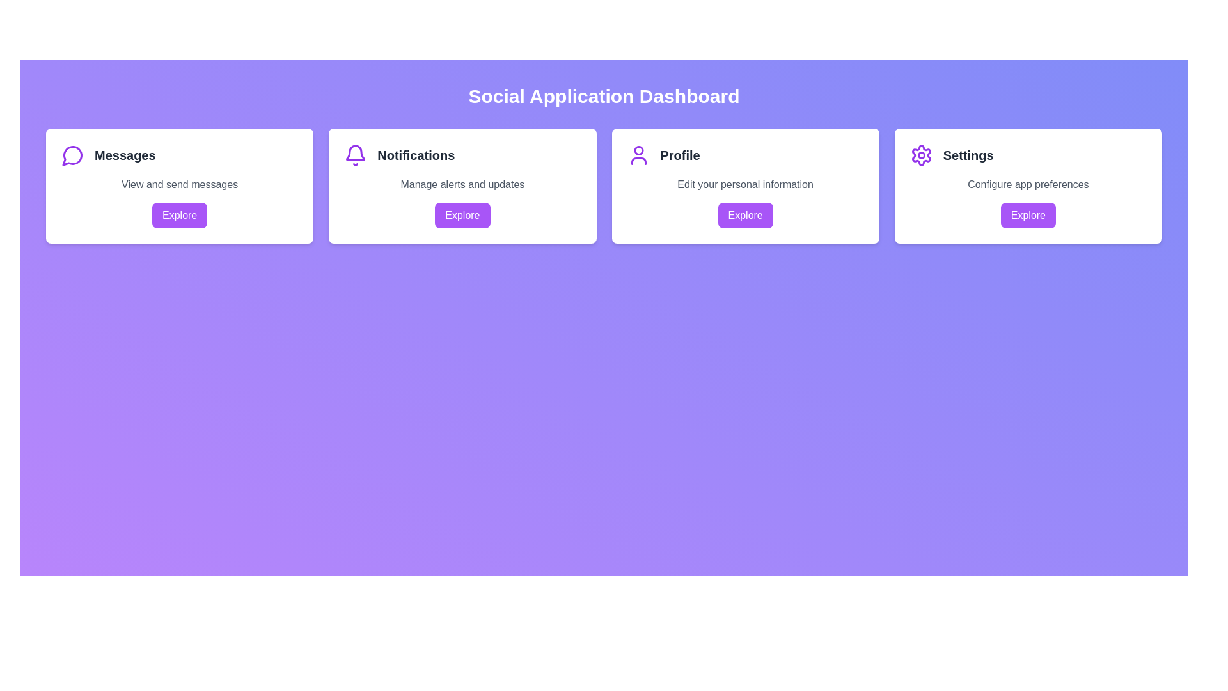 The image size is (1228, 691). Describe the element at coordinates (921, 155) in the screenshot. I see `the central decorative SVG circle within the settings icon located on the far right of the dashboard interface` at that location.